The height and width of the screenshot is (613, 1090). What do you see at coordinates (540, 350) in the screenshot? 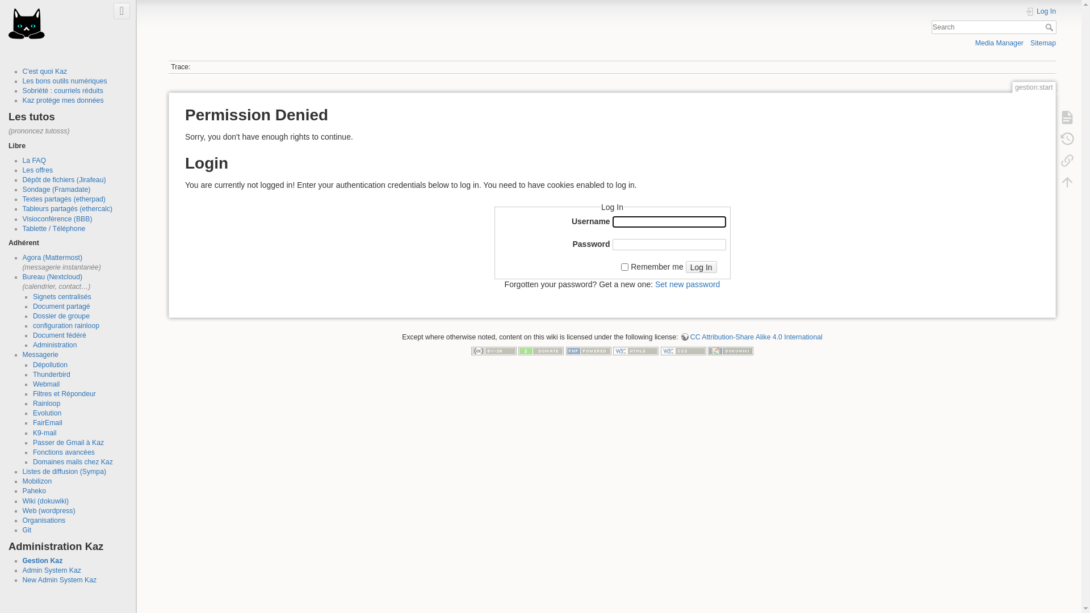
I see `'Donate'` at bounding box center [540, 350].